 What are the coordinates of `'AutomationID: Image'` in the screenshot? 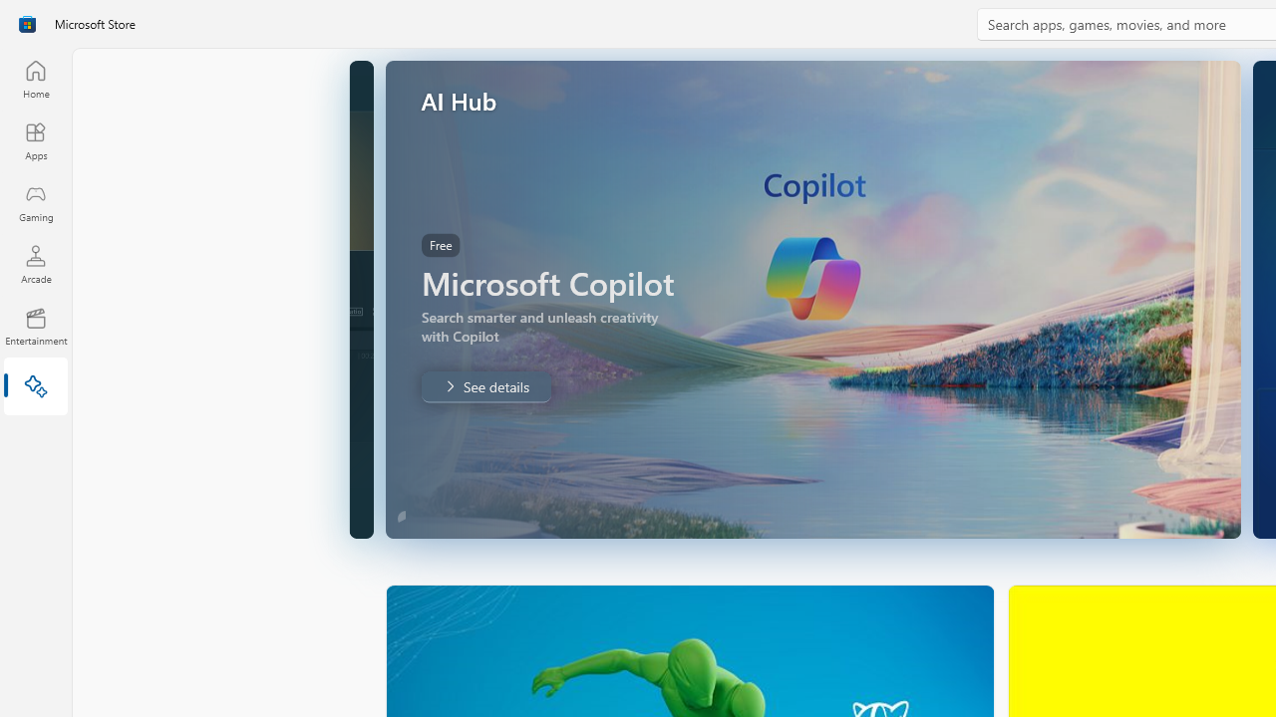 It's located at (812, 299).